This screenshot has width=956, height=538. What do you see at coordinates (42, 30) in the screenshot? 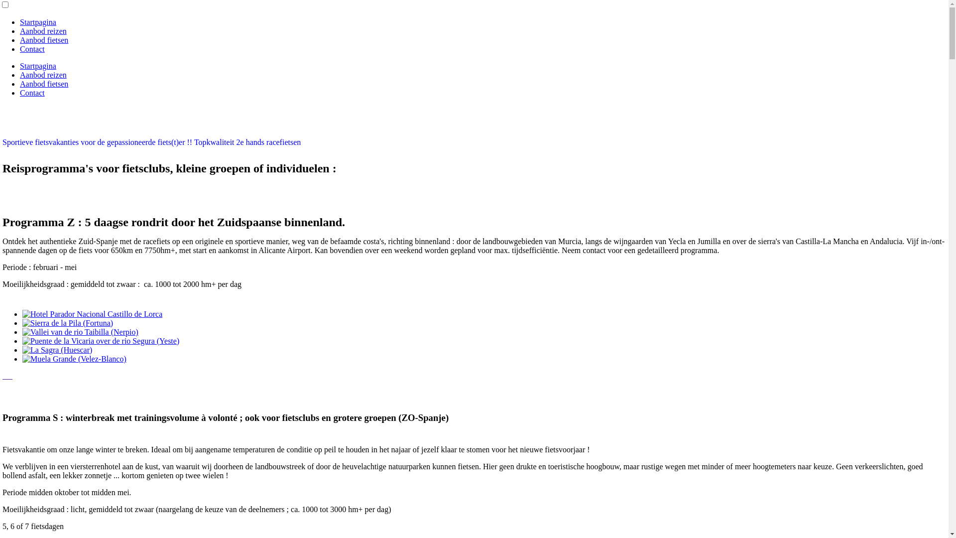
I see `'Aanbod reizen'` at bounding box center [42, 30].